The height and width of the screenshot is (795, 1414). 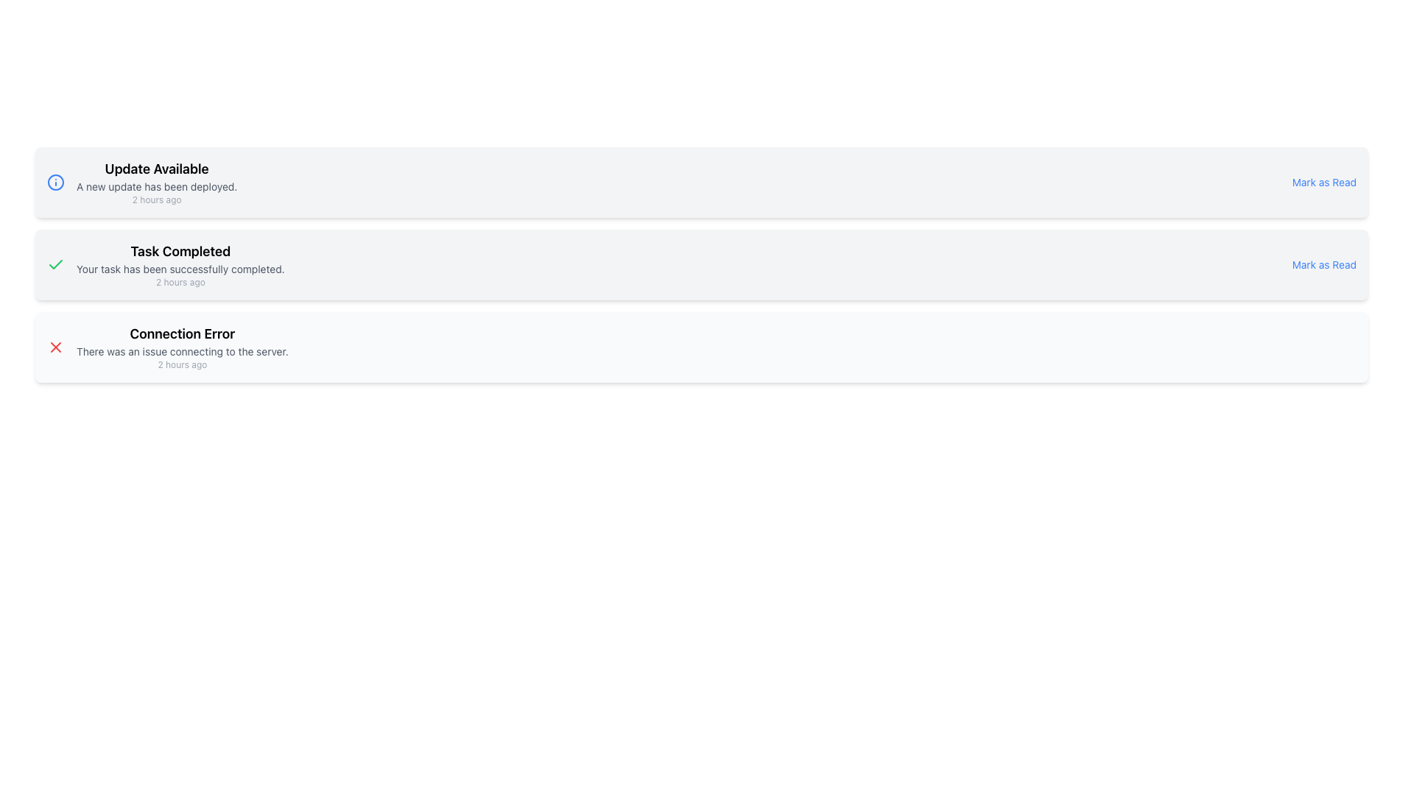 What do you see at coordinates (56, 181) in the screenshot?
I see `the outermost circular shape in the 'Update Available' notification icon, which is part of an SVG element containing other graphical elements` at bounding box center [56, 181].